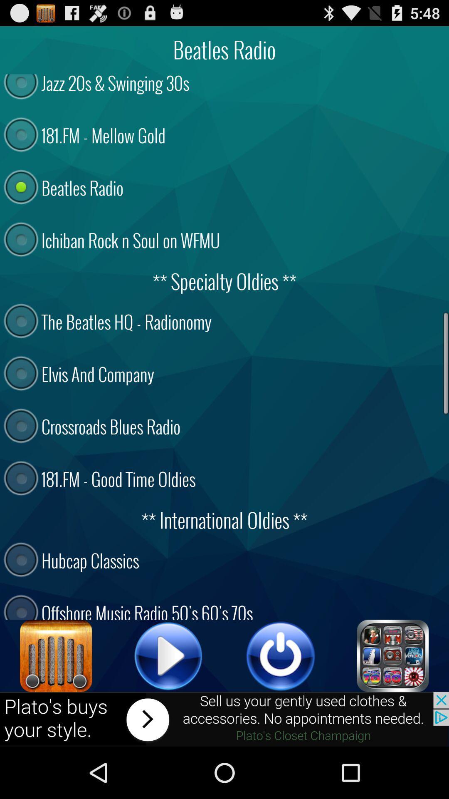 The image size is (449, 799). What do you see at coordinates (168, 655) in the screenshot?
I see `switch to play` at bounding box center [168, 655].